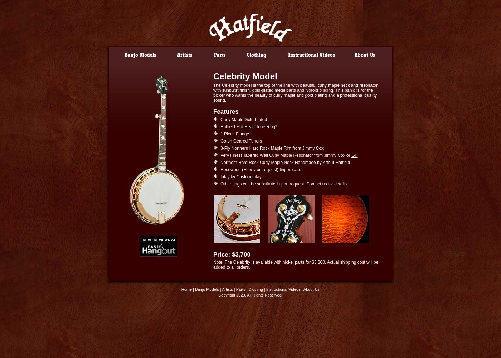 This screenshot has width=501, height=358. Describe the element at coordinates (186, 289) in the screenshot. I see `'Home'` at that location.